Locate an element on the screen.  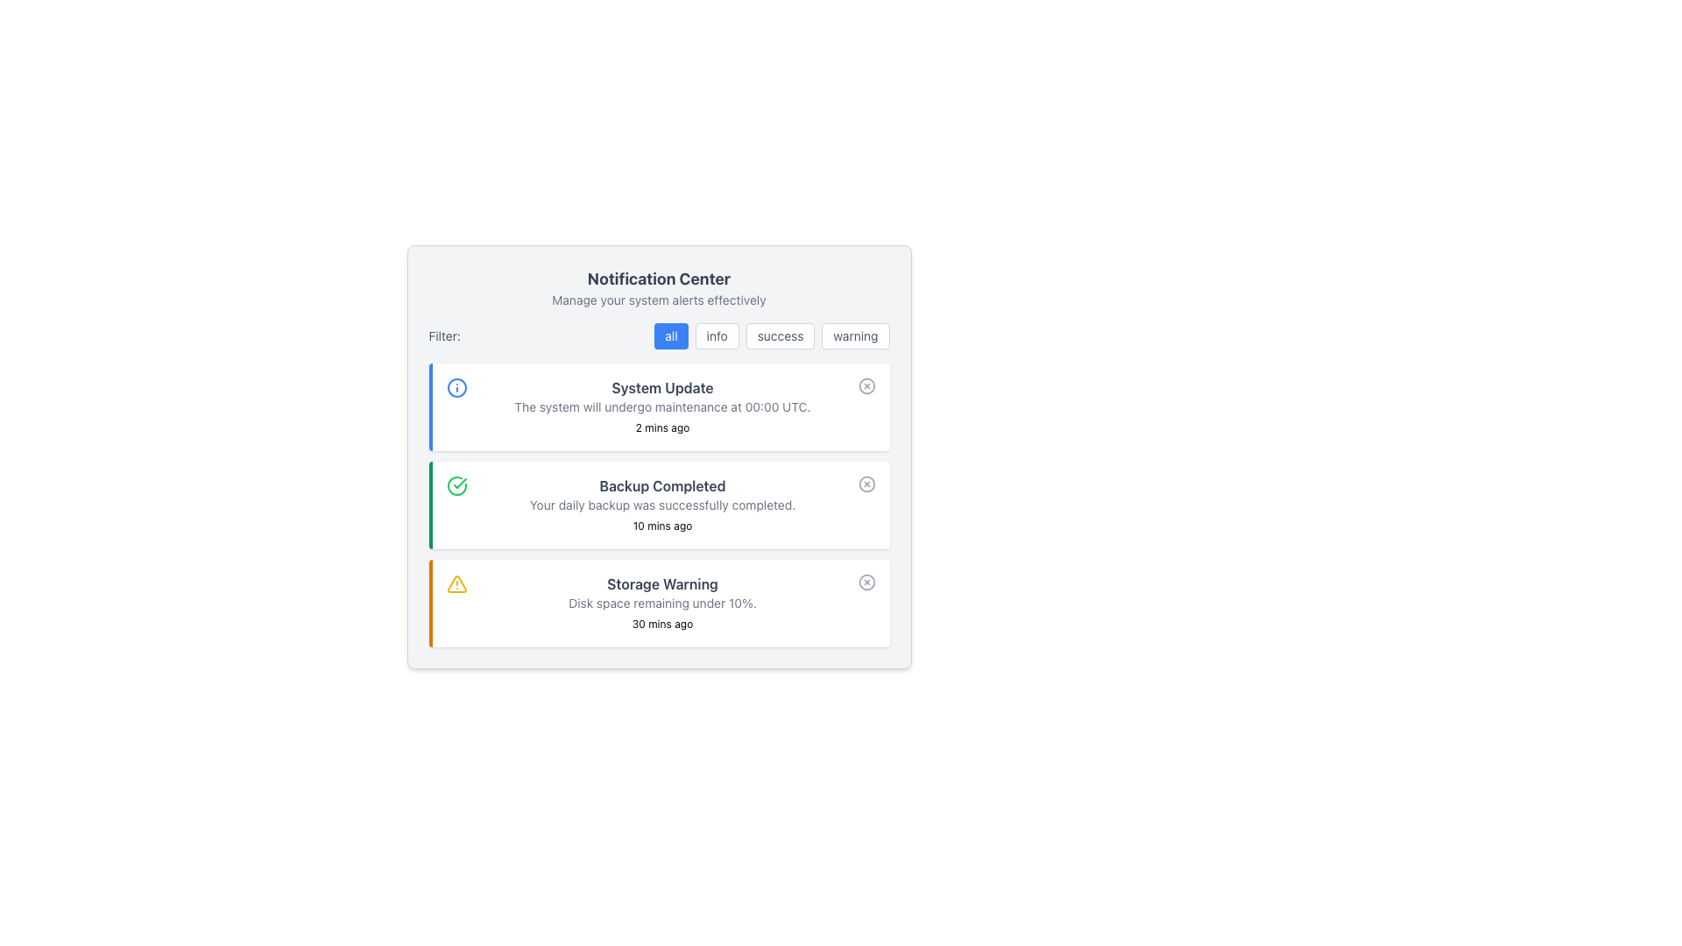
the 'Filter:' label element, which is a small, muted gray text located at the top-left corner of the filtering bar, preceding the selectable filter options is located at coordinates (444, 336).